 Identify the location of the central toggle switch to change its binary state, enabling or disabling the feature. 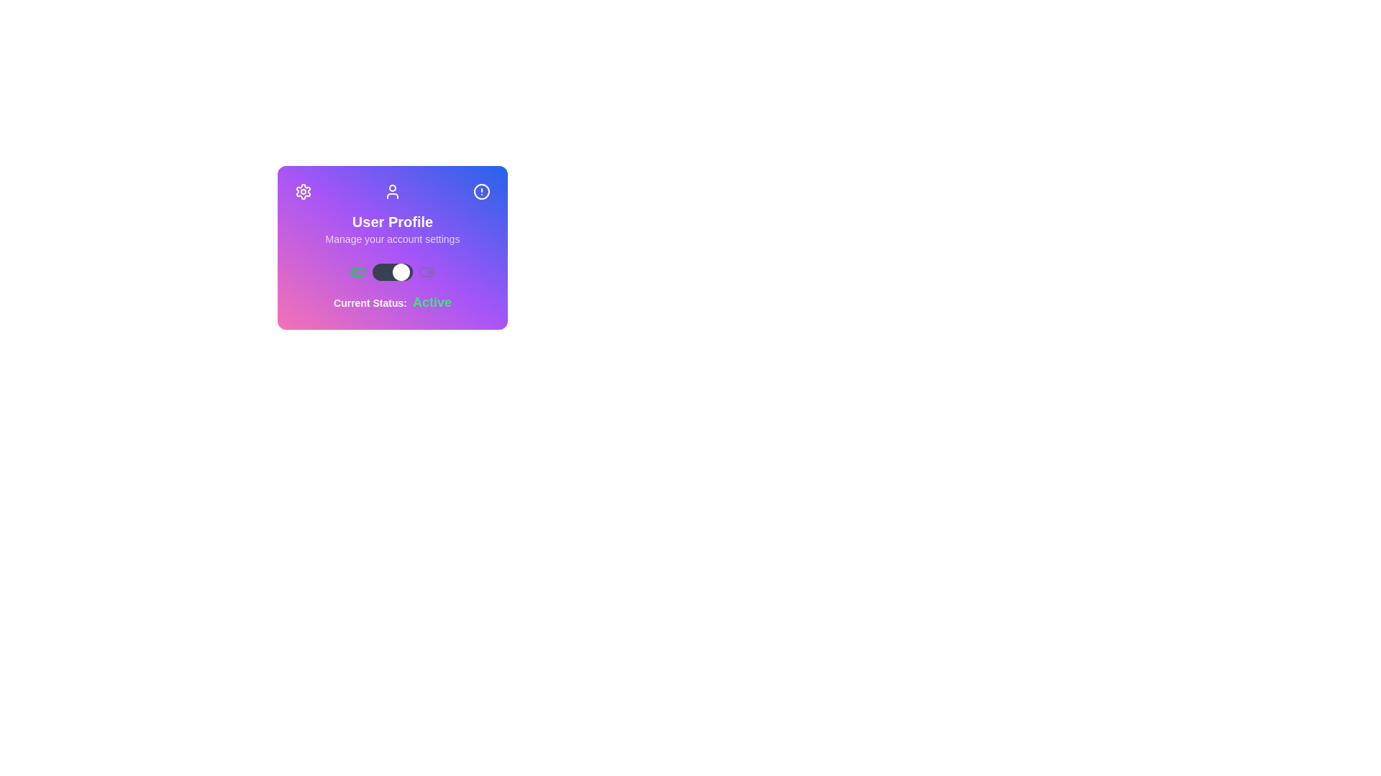
(393, 272).